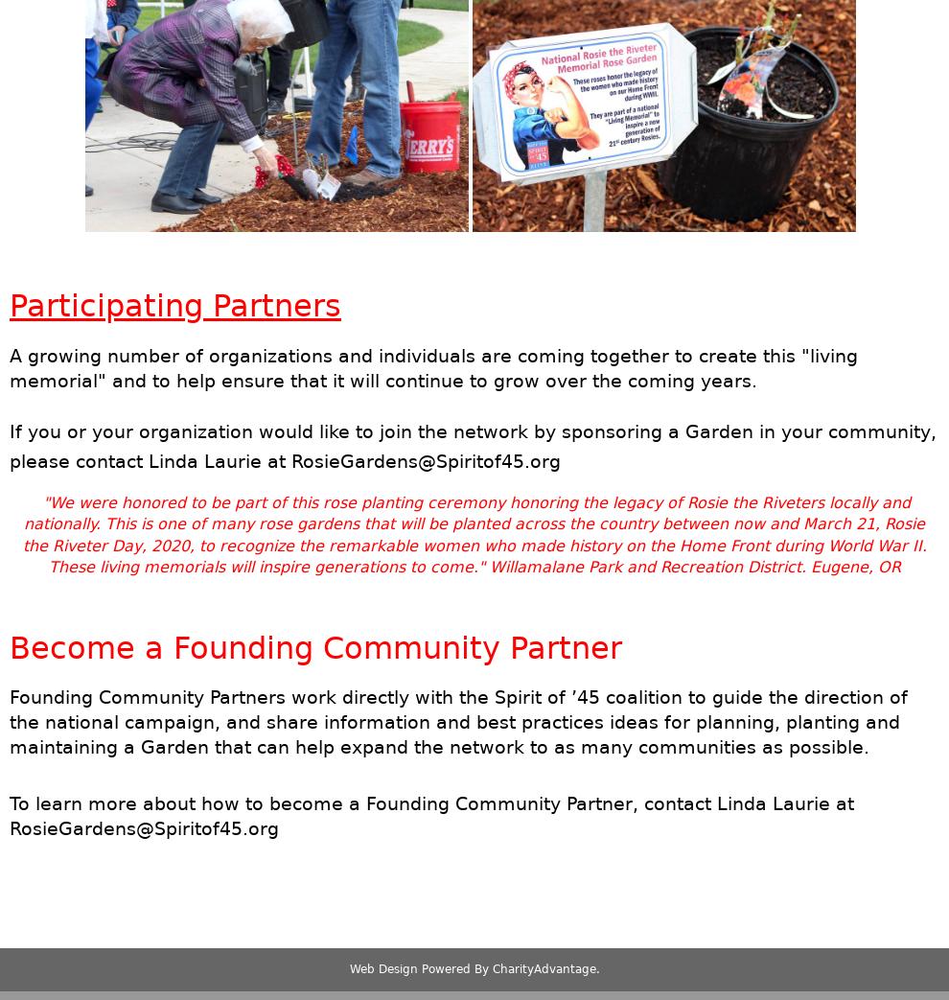 The height and width of the screenshot is (1000, 949). What do you see at coordinates (473, 444) in the screenshot?
I see `'If you or your organization would like to join the network by sponsoring a Garden in your community, please contact Linda Laurie at RosieGardens@Spiritof45.org'` at bounding box center [473, 444].